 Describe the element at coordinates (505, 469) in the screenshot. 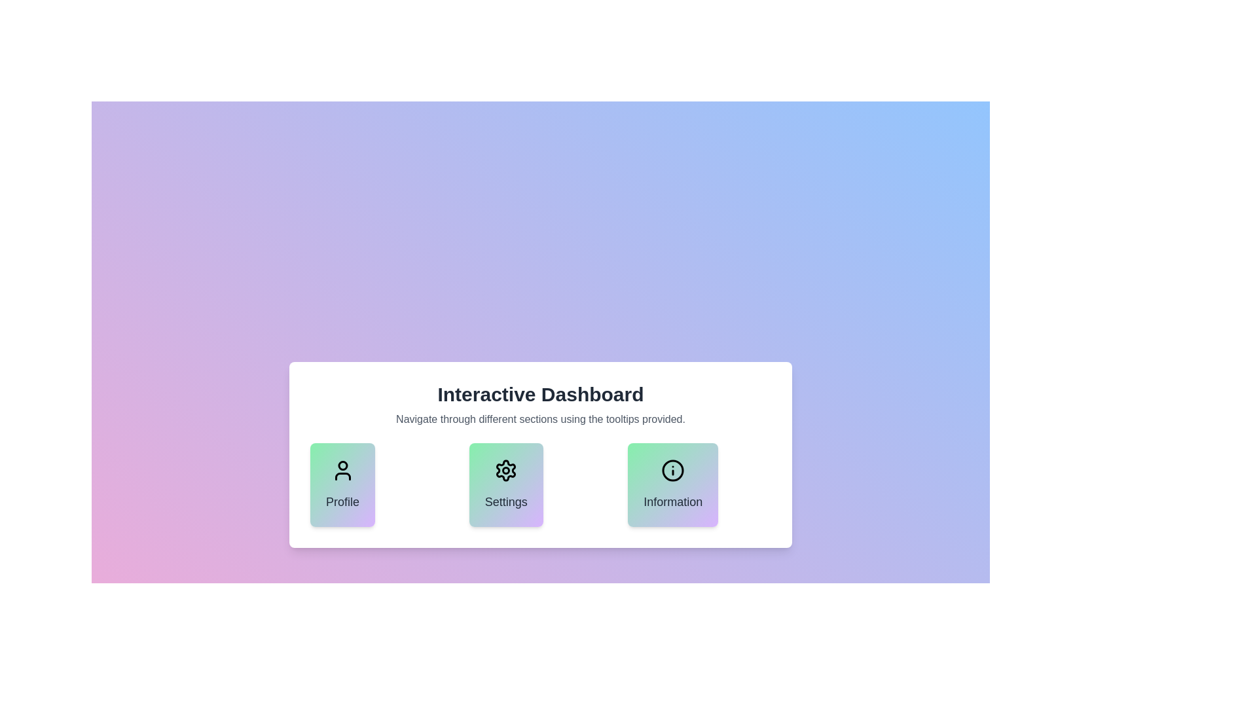

I see `the gear icon representing settings, located in the center card of the three-card layout below the 'Interactive Dashboard' text` at that location.